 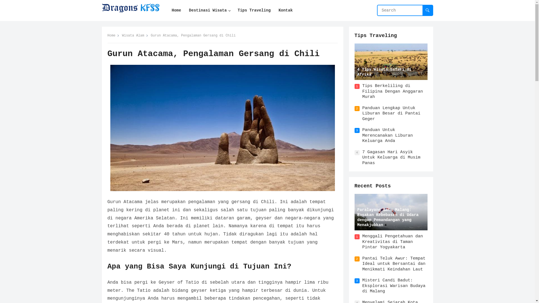 What do you see at coordinates (387, 135) in the screenshot?
I see `'Panduan Untuk Merencanakan Liburan Keluarga Anda'` at bounding box center [387, 135].